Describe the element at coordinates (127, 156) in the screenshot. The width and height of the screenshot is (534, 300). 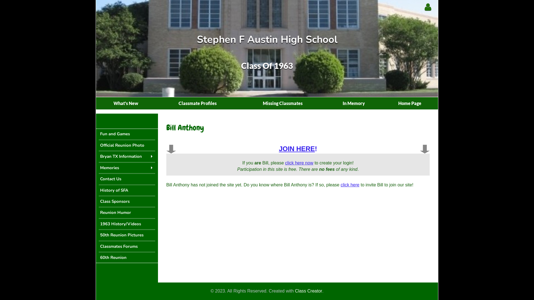
I see `'Bryan TX Information'` at that location.